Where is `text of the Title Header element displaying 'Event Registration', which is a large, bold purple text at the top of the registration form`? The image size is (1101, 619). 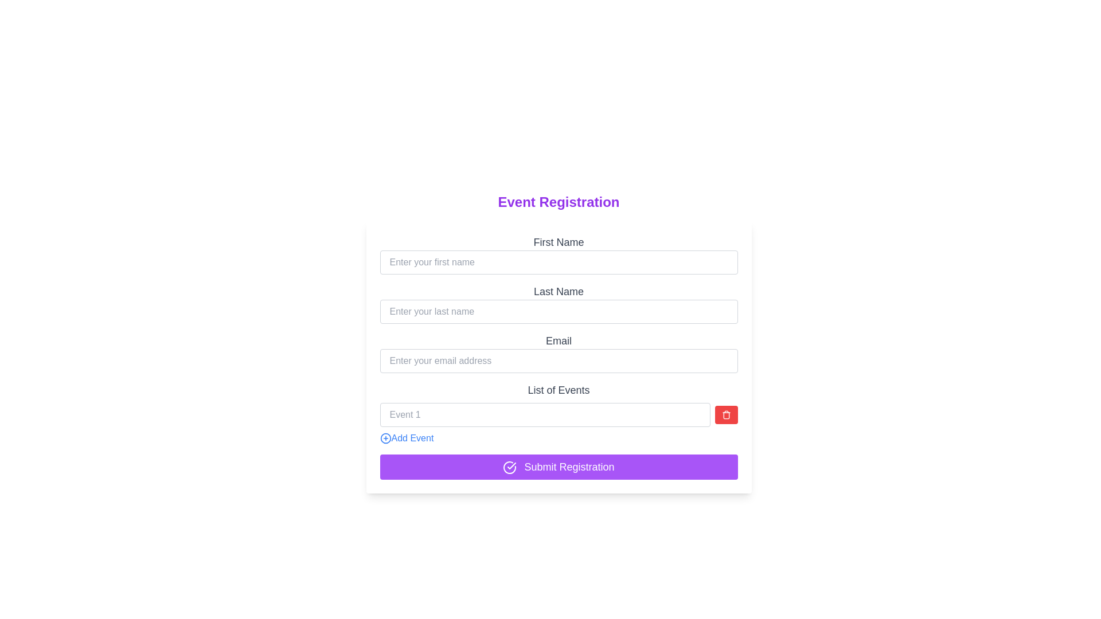 text of the Title Header element displaying 'Event Registration', which is a large, bold purple text at the top of the registration form is located at coordinates (559, 202).